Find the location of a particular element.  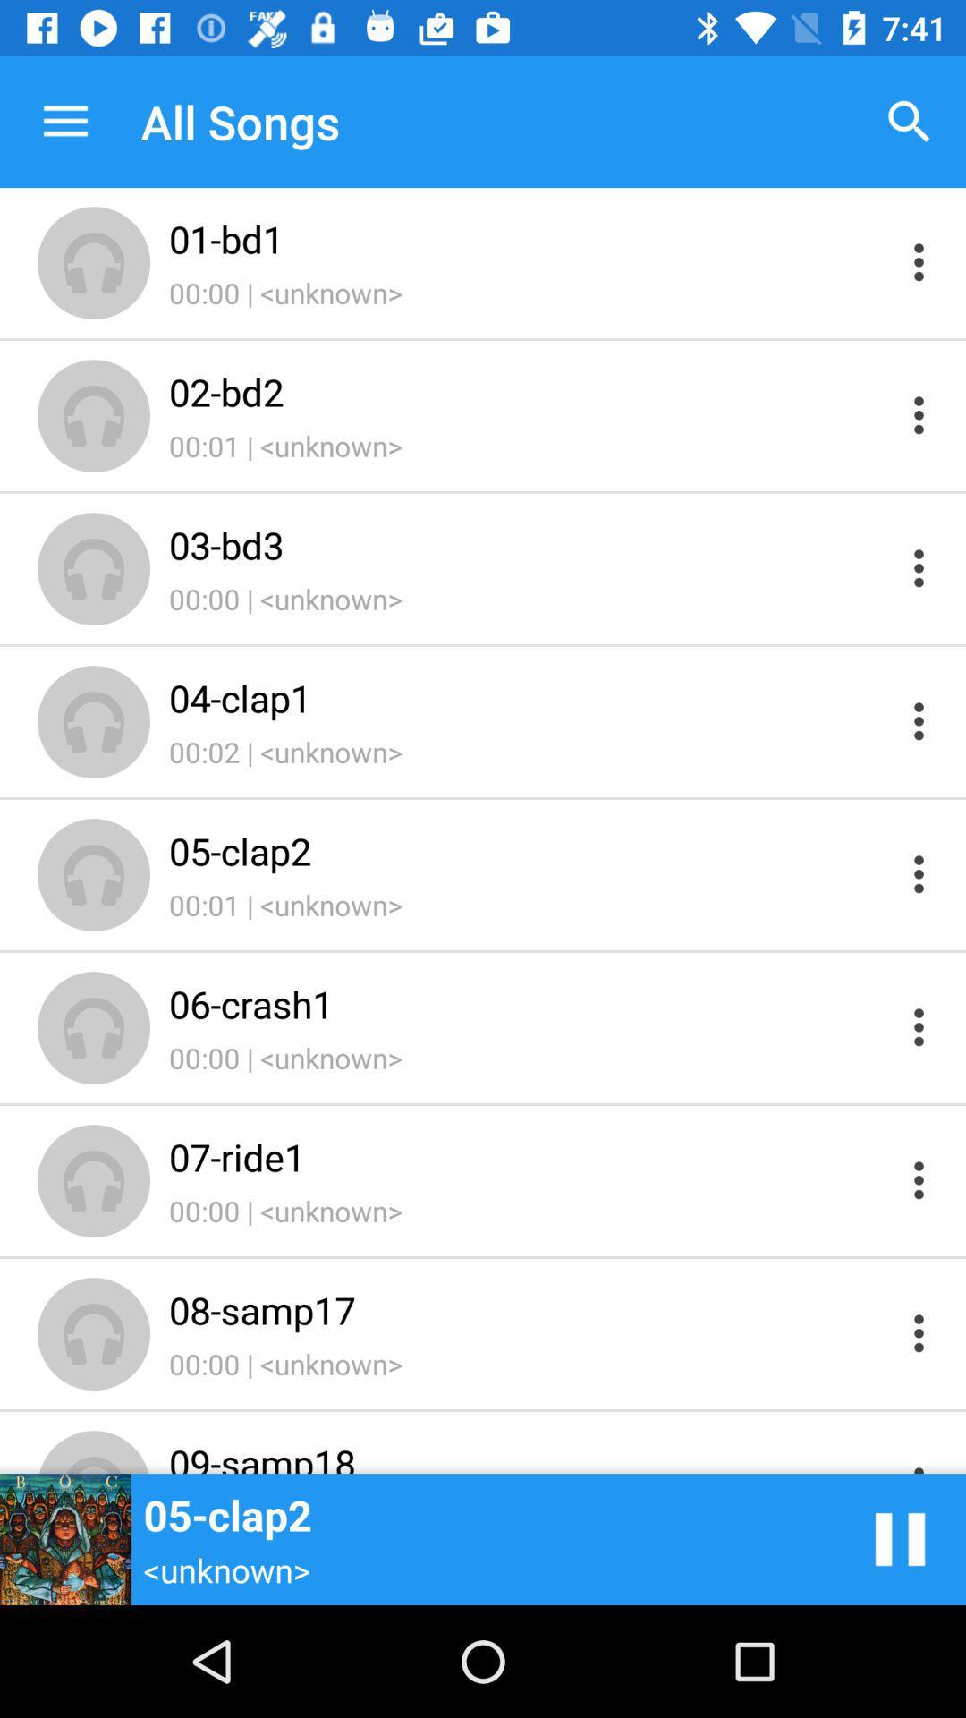

icon above the 00:00 | <unknown> icon is located at coordinates (529, 544).